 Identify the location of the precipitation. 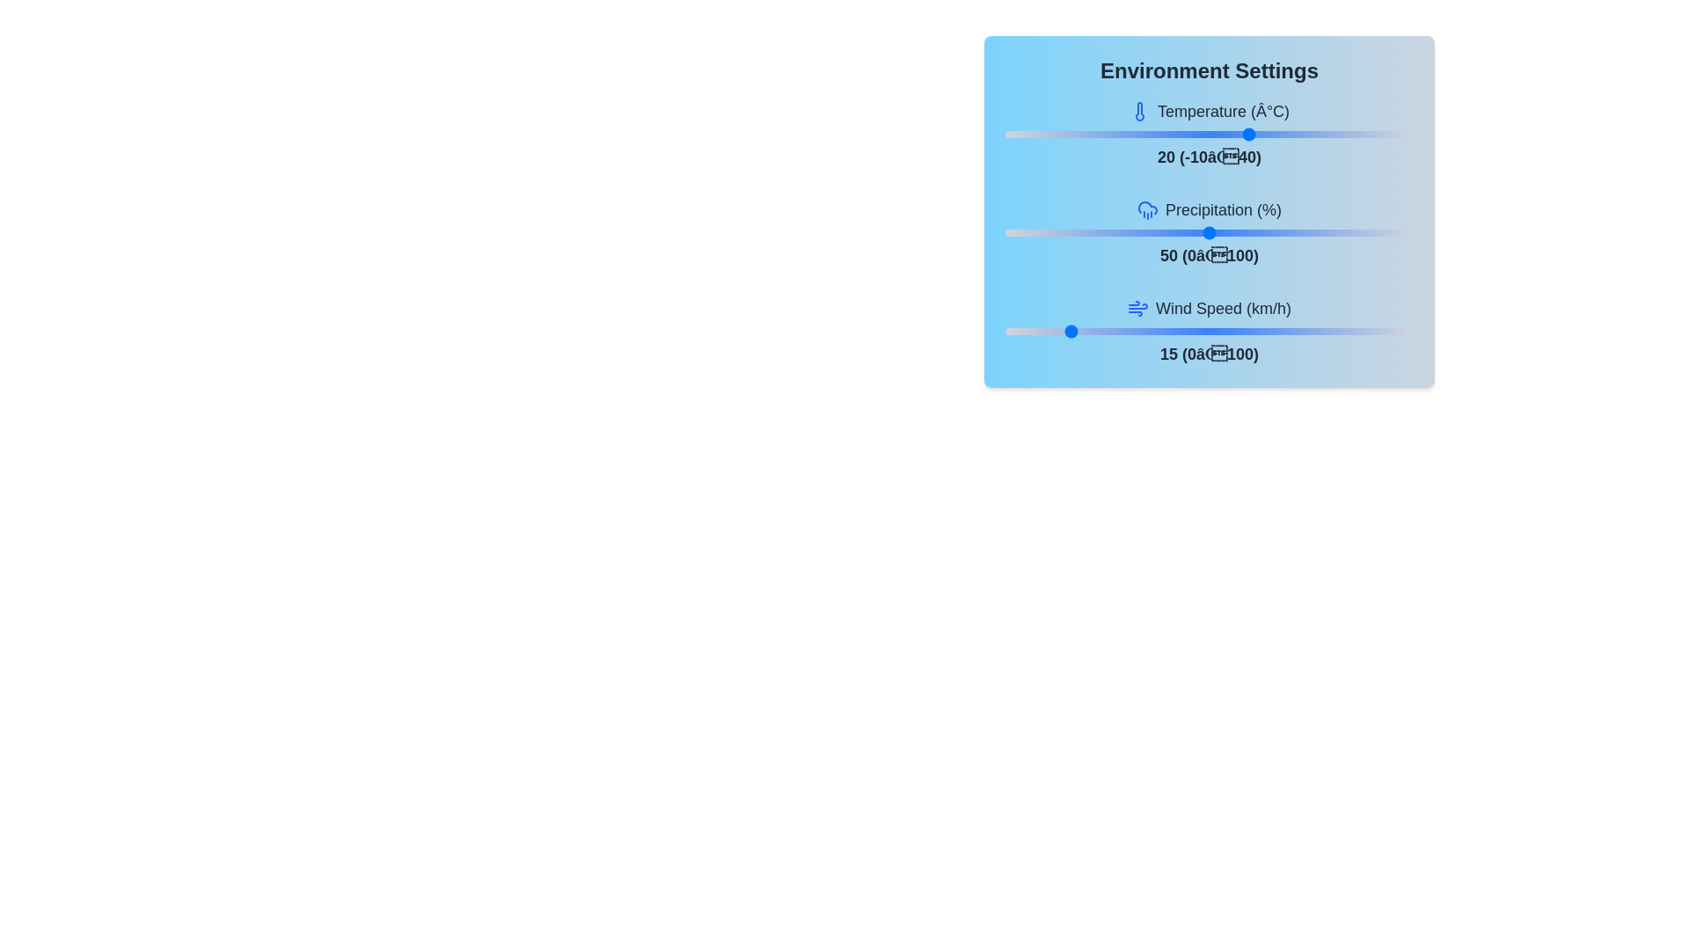
(1343, 232).